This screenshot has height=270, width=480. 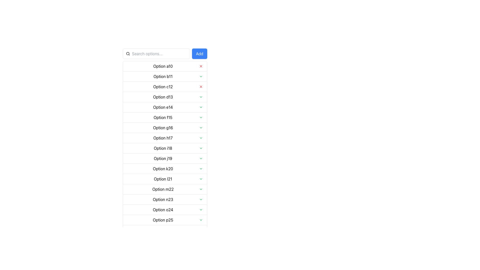 I want to click on the text label displaying 'Option k20', which is the twelfth item in a vertical list of options, so click(x=163, y=169).